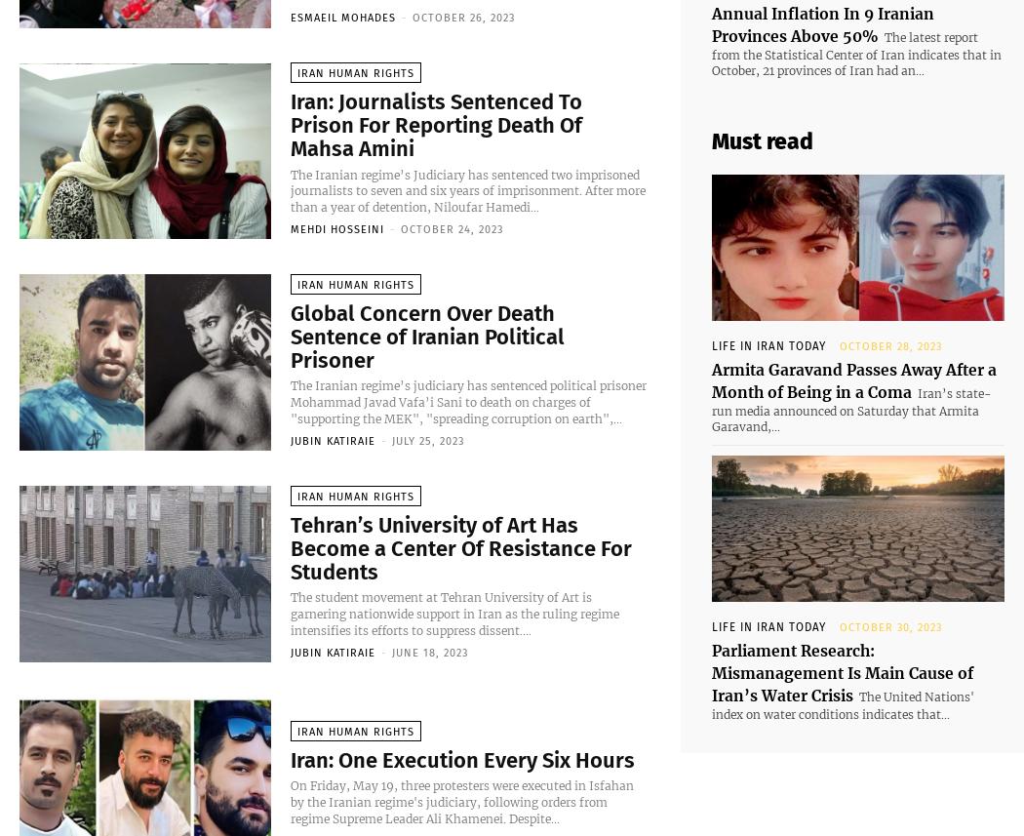  What do you see at coordinates (452, 232) in the screenshot?
I see `'October 24, 2023'` at bounding box center [452, 232].